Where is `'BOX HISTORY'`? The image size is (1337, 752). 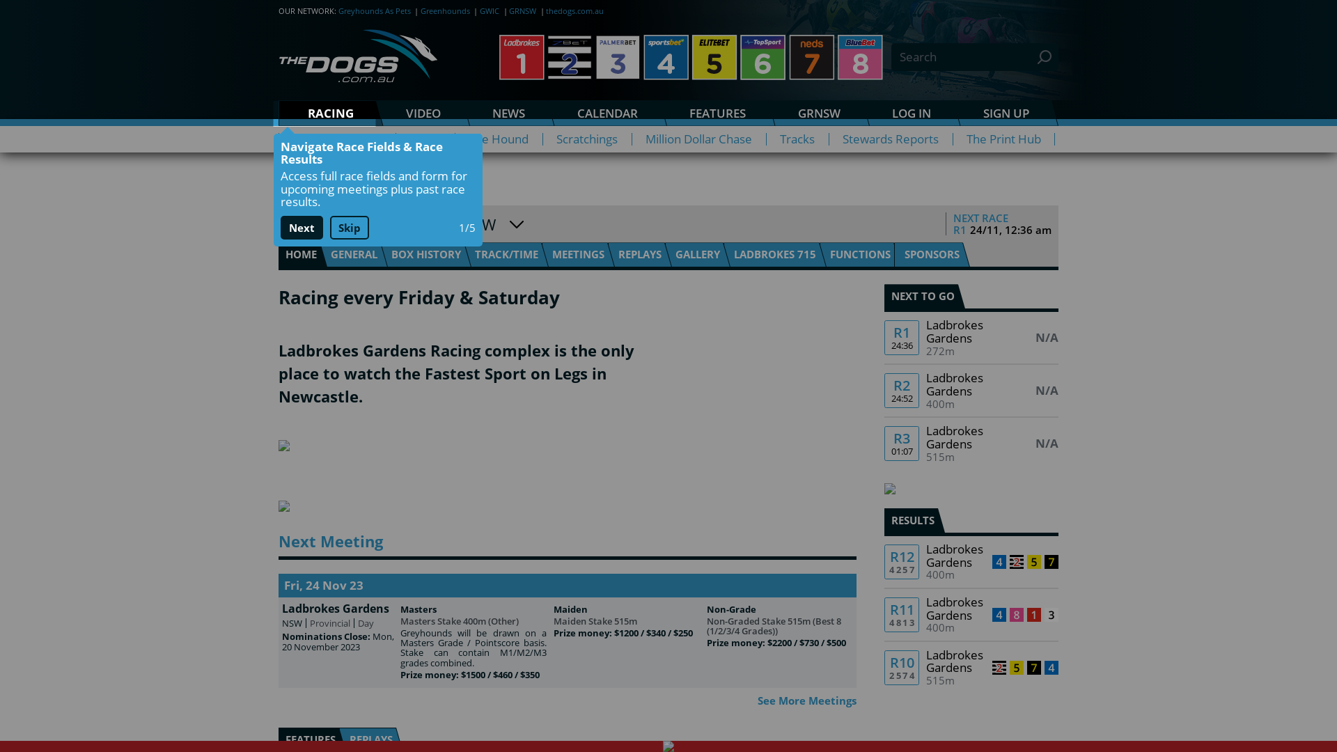 'BOX HISTORY' is located at coordinates (425, 254).